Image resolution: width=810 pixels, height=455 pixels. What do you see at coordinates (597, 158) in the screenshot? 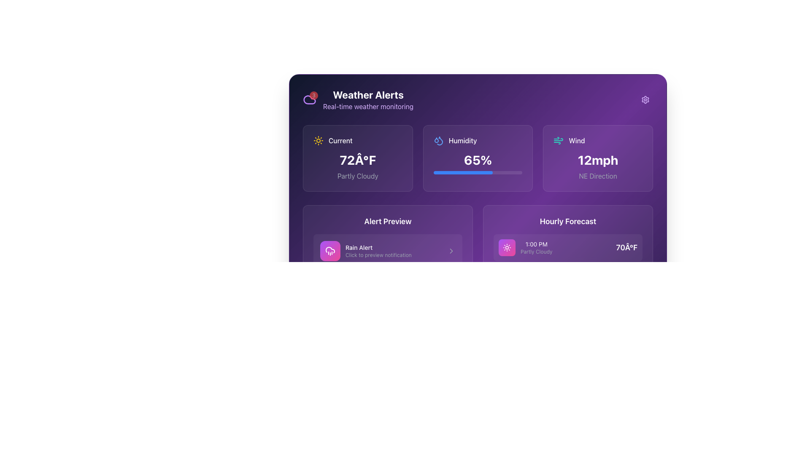
I see `the Information Card displaying weather data with a purple background, featuring a teal wind icon and the label 'Wind', which shows '12mph' in bold white text and 'NE Direction' in smaller gray text` at bounding box center [597, 158].